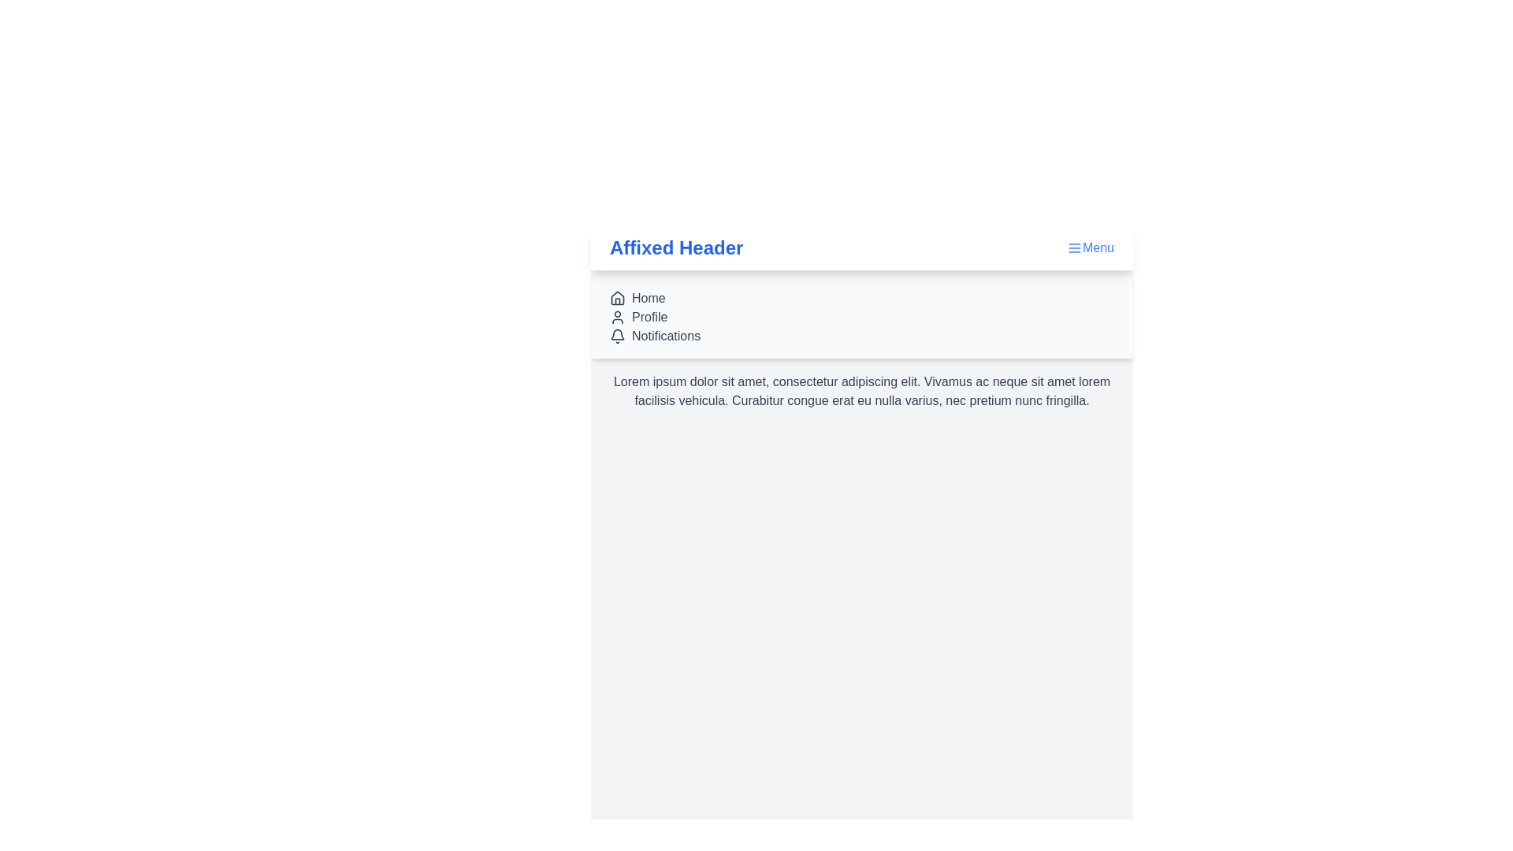 The height and width of the screenshot is (851, 1513). What do you see at coordinates (616, 317) in the screenshot?
I see `the user icon with a dark blue outline representing user profiles, located in the horizontal menu bar next to the 'Profile' text` at bounding box center [616, 317].